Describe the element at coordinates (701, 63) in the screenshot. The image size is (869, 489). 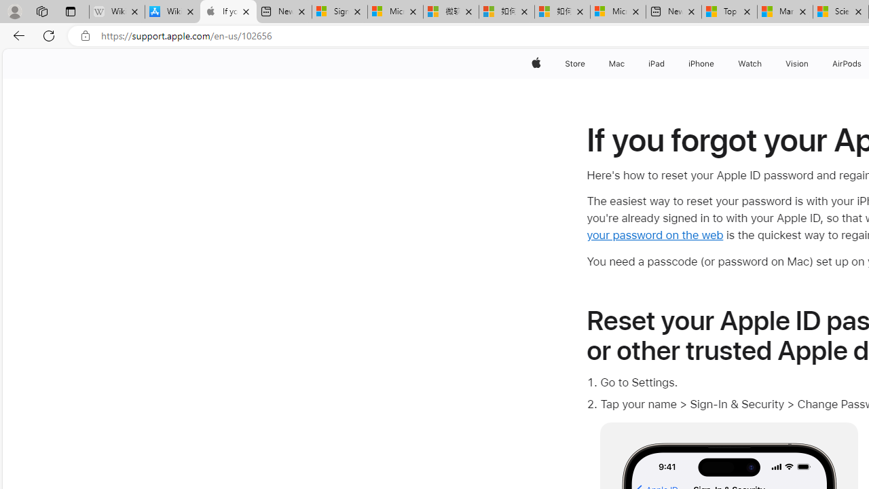
I see `'iPhone'` at that location.